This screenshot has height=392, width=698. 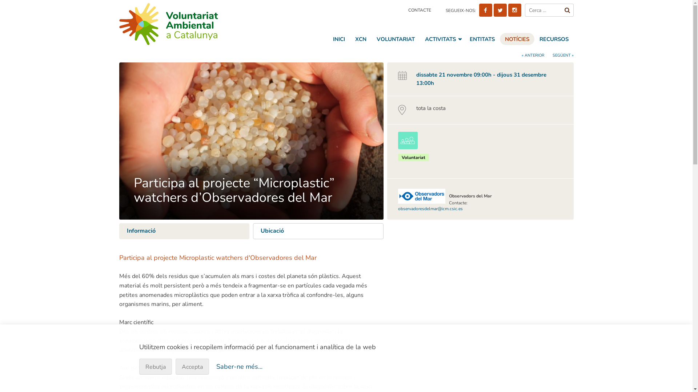 I want to click on 'Accepta', so click(x=192, y=367).